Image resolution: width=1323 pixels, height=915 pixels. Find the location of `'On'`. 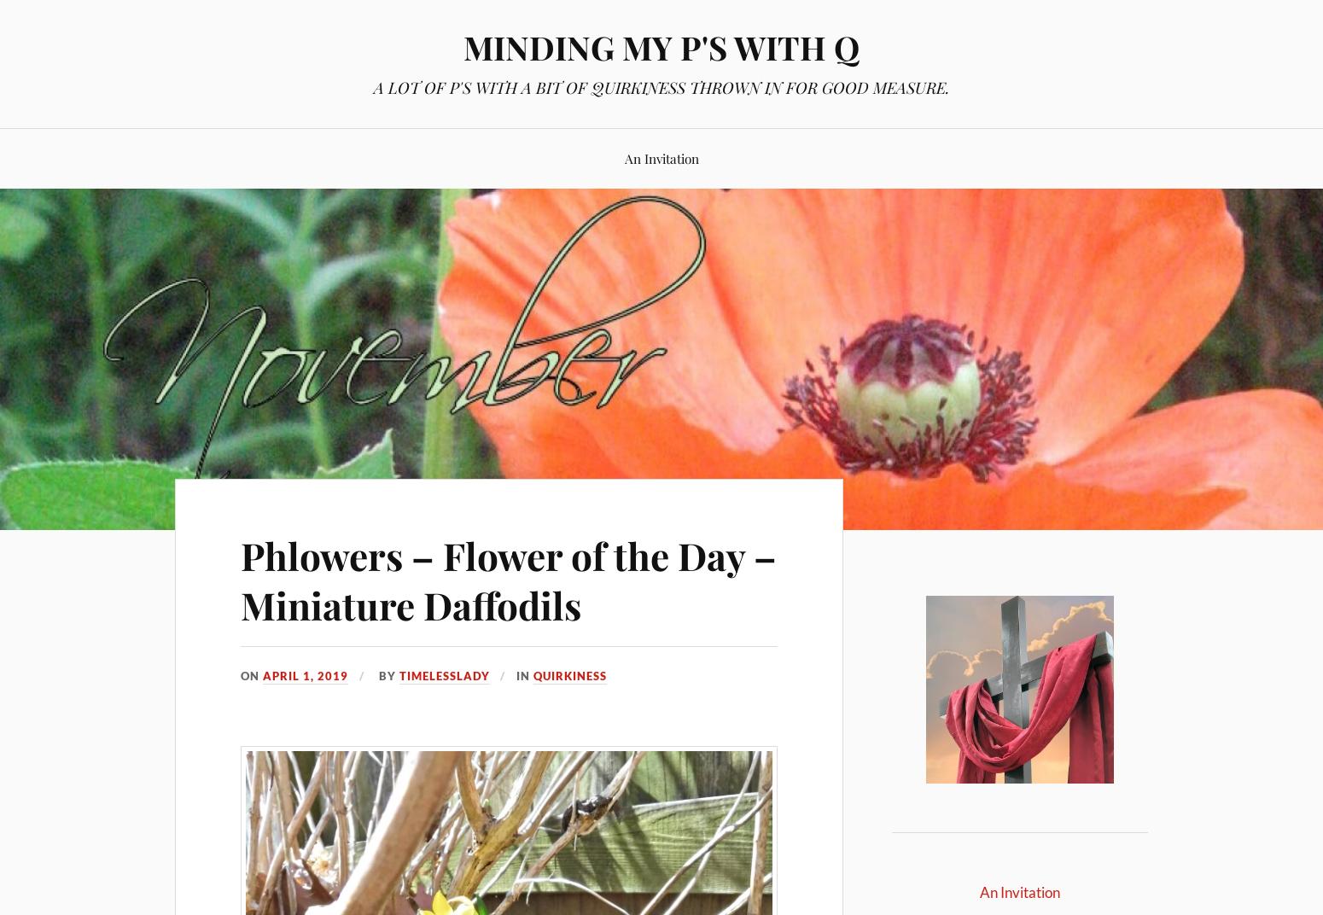

'On' is located at coordinates (251, 675).